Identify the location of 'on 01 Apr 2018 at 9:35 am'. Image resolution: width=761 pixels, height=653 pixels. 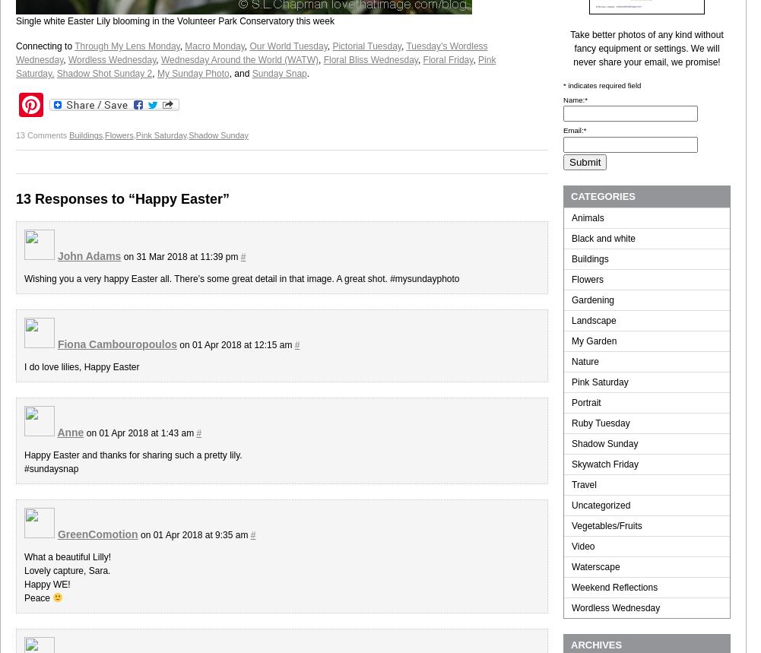
(192, 535).